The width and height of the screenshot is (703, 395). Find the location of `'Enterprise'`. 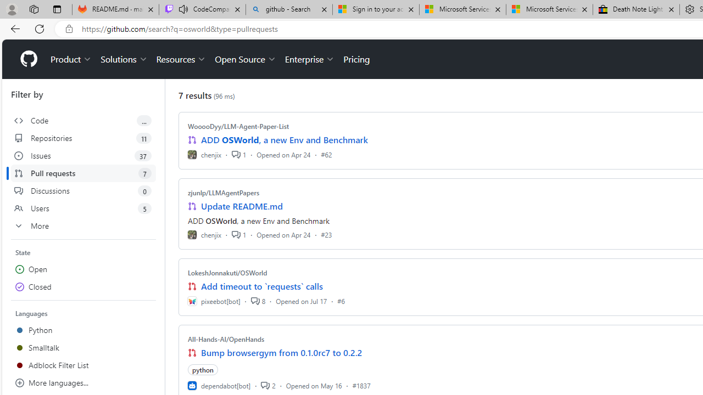

'Enterprise' is located at coordinates (309, 59).